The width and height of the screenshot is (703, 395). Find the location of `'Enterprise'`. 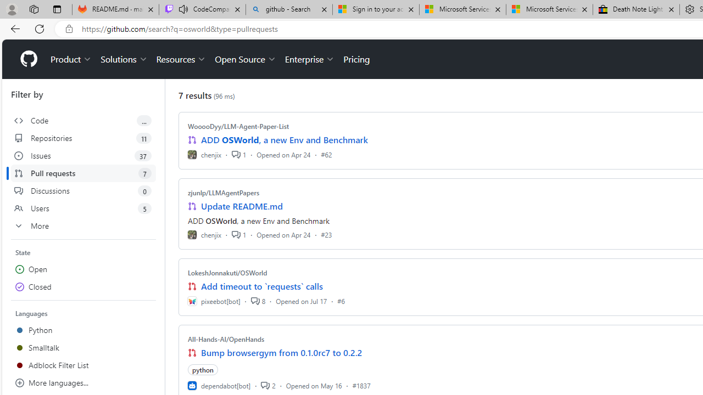

'Enterprise' is located at coordinates (309, 59).